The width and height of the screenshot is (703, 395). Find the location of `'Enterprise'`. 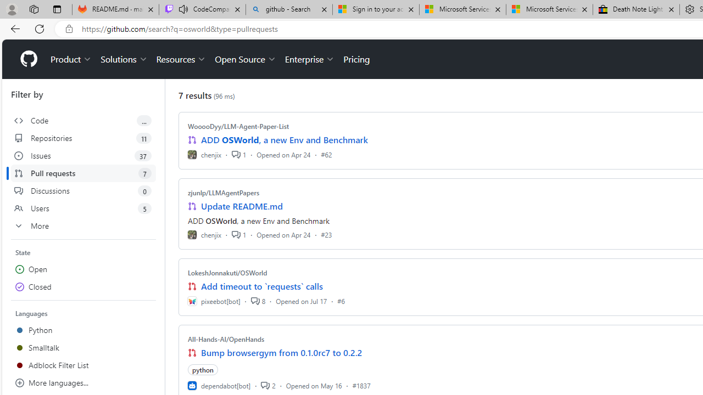

'Enterprise' is located at coordinates (309, 59).